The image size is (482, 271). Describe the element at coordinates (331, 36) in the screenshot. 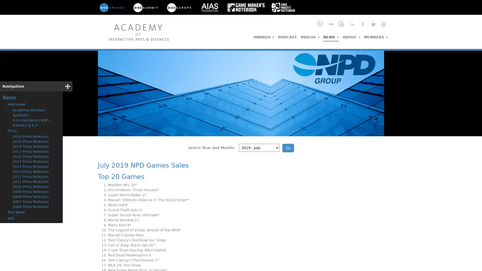

I see `NEWS` at that location.